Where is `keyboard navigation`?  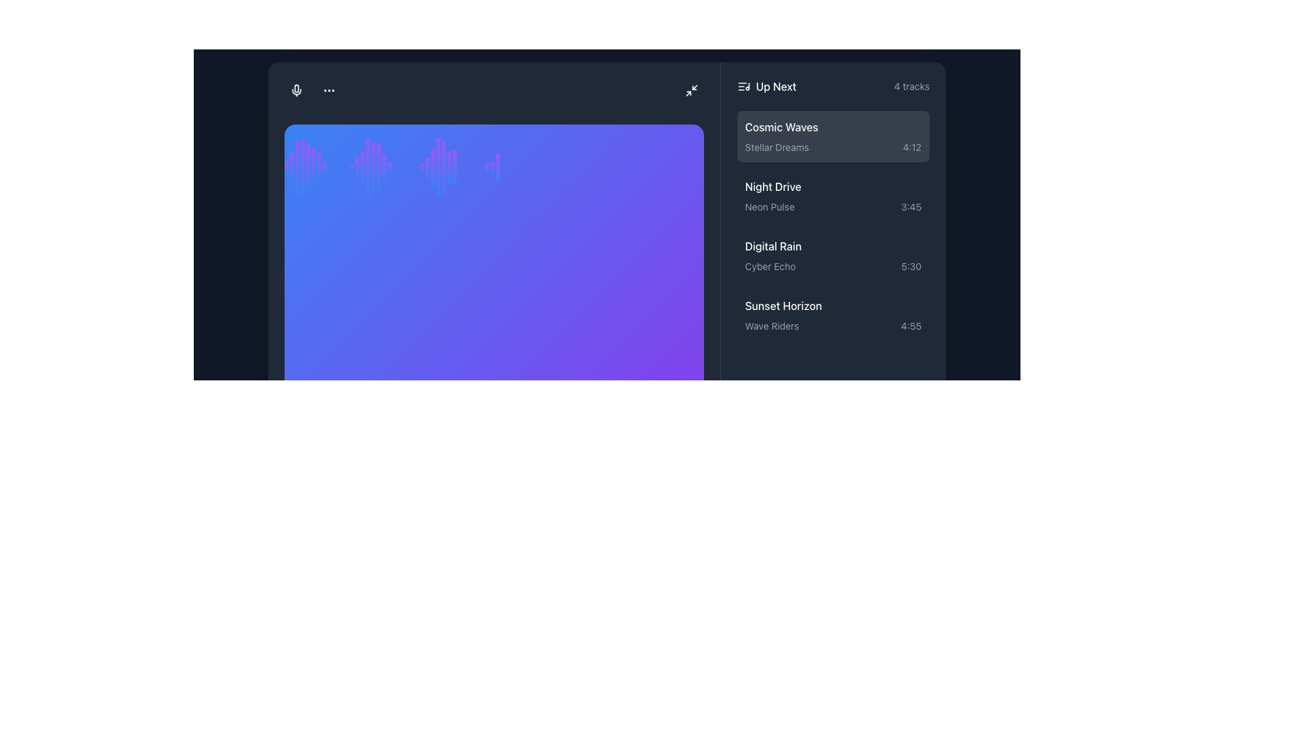 keyboard navigation is located at coordinates (913, 186).